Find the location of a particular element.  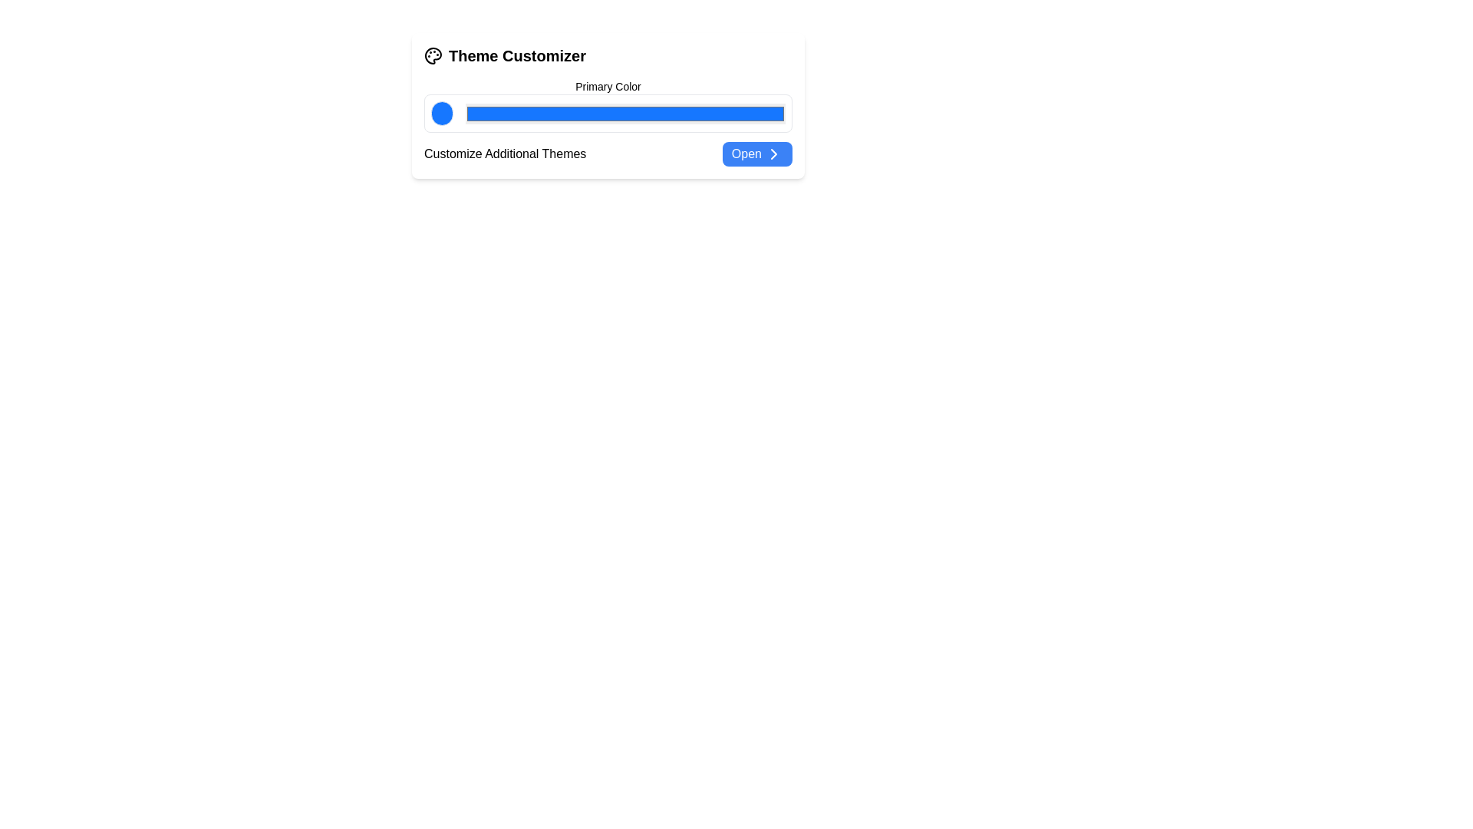

the chevron icon located at the far right edge of the blue 'Open' button is located at coordinates (773, 154).